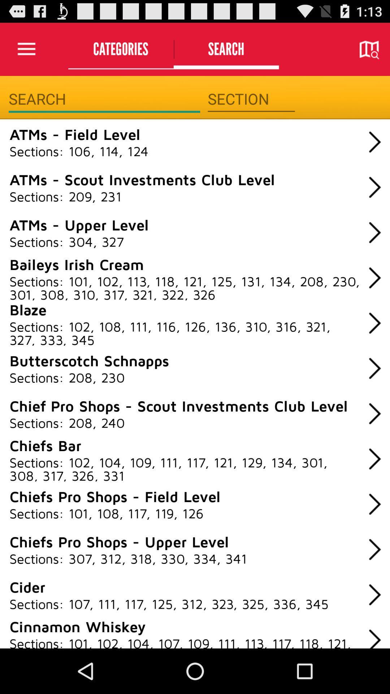  I want to click on the cinnamon whiskey icon, so click(77, 626).